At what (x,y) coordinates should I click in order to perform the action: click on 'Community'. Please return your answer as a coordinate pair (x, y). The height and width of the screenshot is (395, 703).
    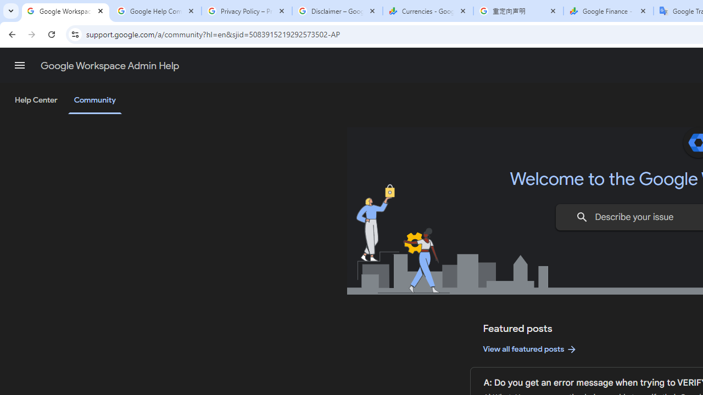
    Looking at the image, I should click on (94, 100).